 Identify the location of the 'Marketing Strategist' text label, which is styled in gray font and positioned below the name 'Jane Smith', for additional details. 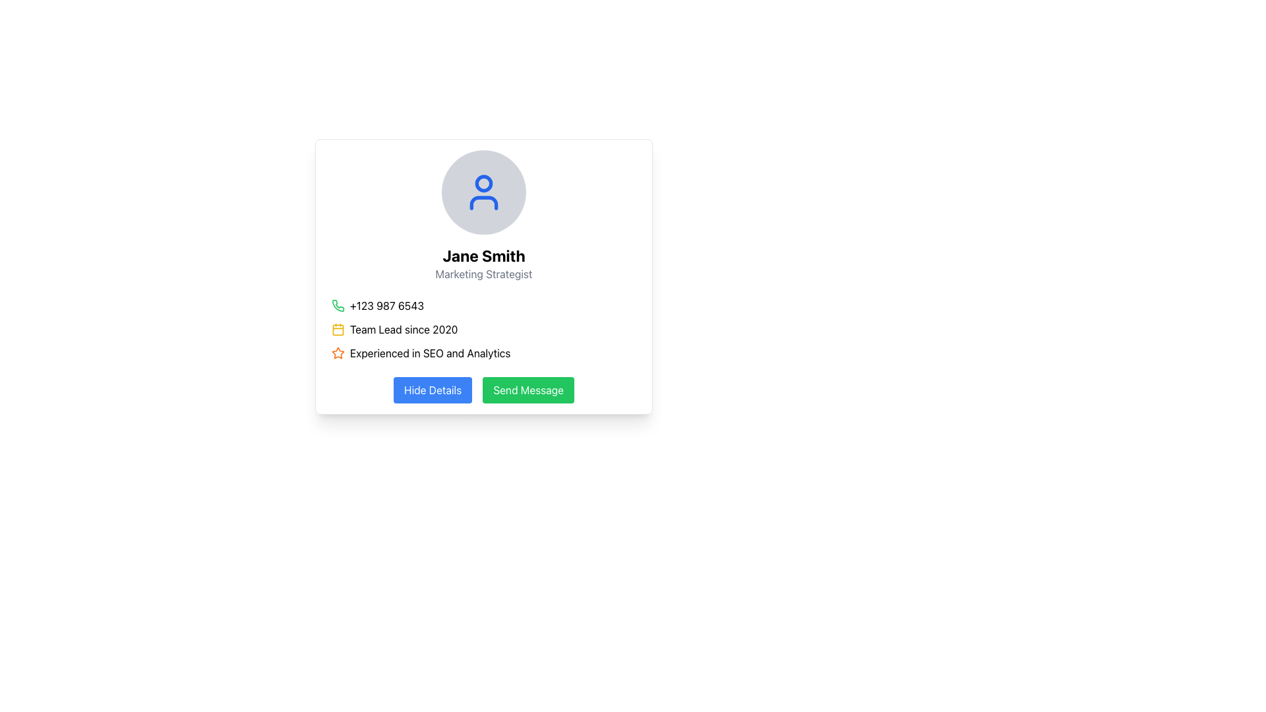
(483, 274).